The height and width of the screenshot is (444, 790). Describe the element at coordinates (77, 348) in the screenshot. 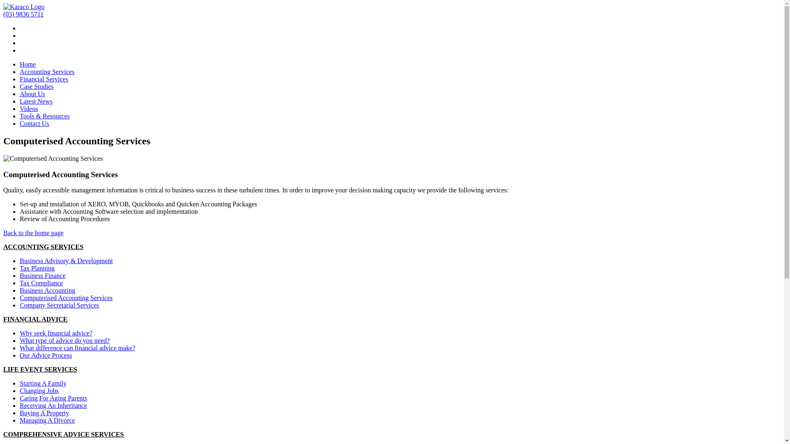

I see `'What difference can financial advice make?'` at that location.